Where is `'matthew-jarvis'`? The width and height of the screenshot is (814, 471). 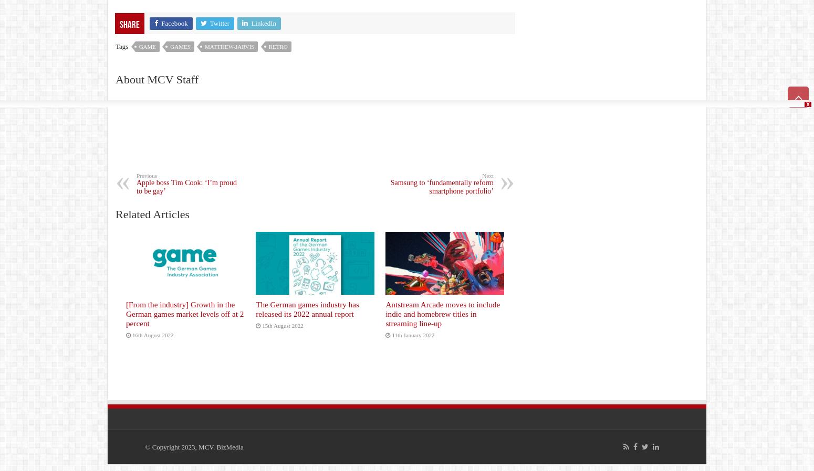
'matthew-jarvis' is located at coordinates (229, 46).